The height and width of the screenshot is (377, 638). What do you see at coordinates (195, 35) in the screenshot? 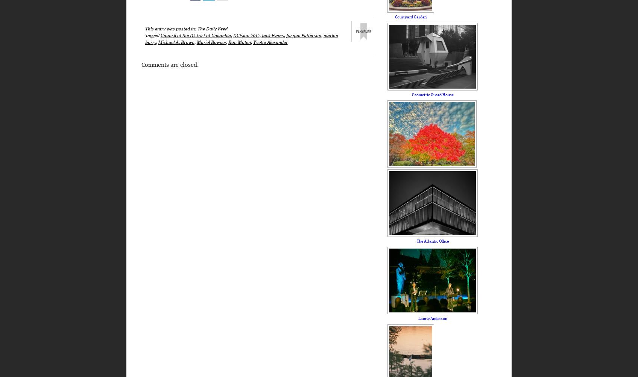
I see `'Council of the District of Columbia'` at bounding box center [195, 35].